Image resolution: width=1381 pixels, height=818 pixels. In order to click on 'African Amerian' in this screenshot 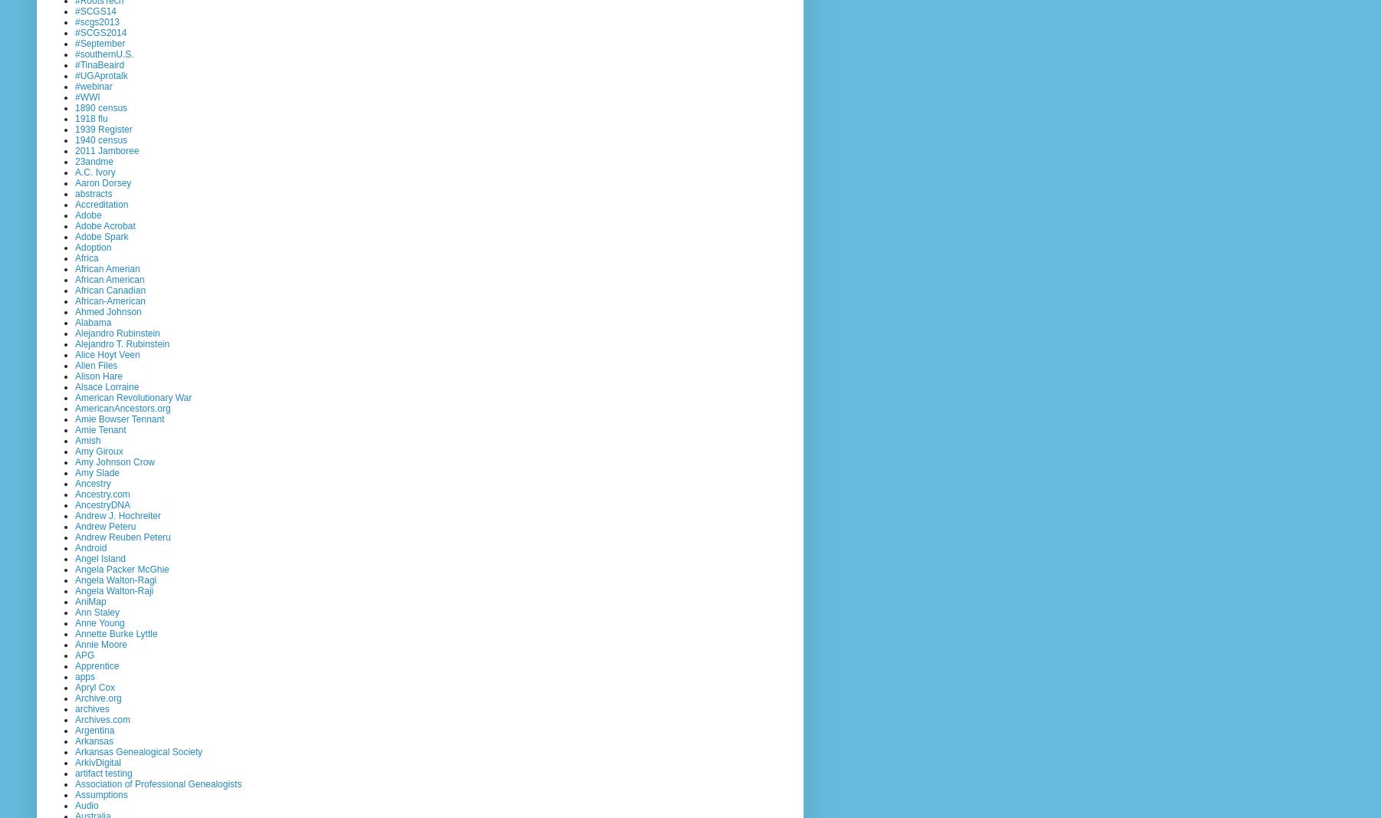, I will do `click(107, 268)`.